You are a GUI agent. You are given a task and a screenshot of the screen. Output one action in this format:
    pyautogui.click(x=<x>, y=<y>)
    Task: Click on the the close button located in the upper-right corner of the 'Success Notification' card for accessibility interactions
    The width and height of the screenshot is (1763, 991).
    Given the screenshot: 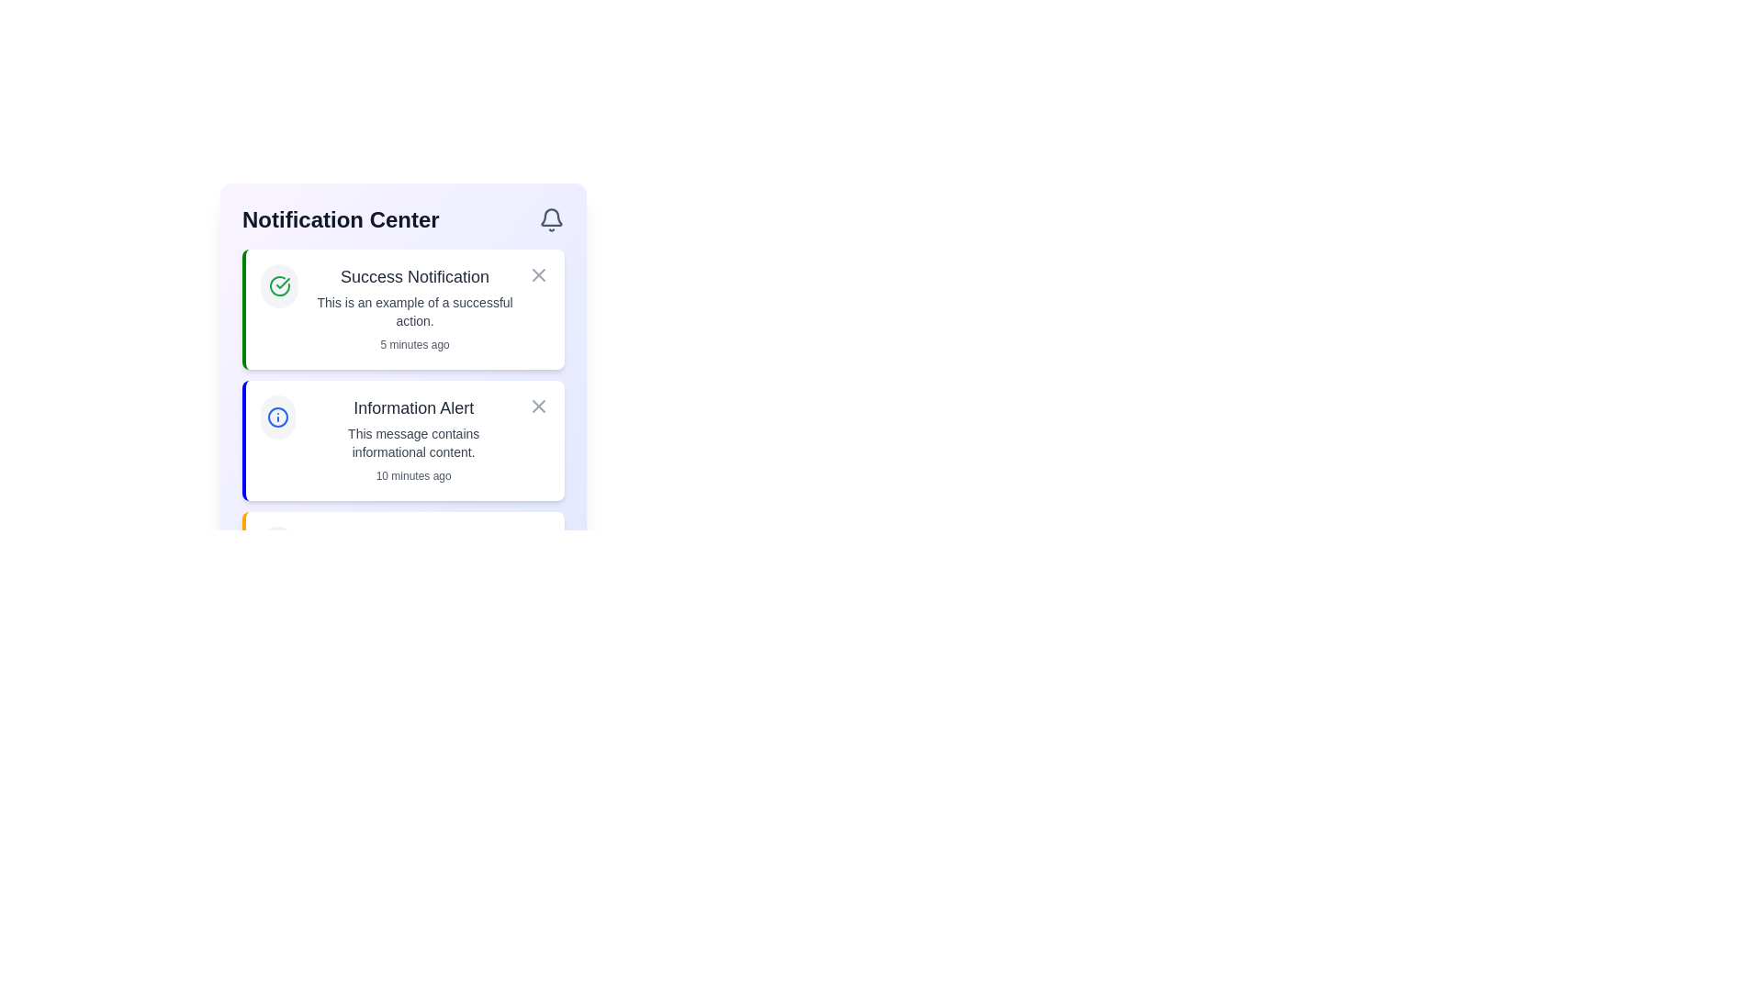 What is the action you would take?
    pyautogui.click(x=537, y=275)
    